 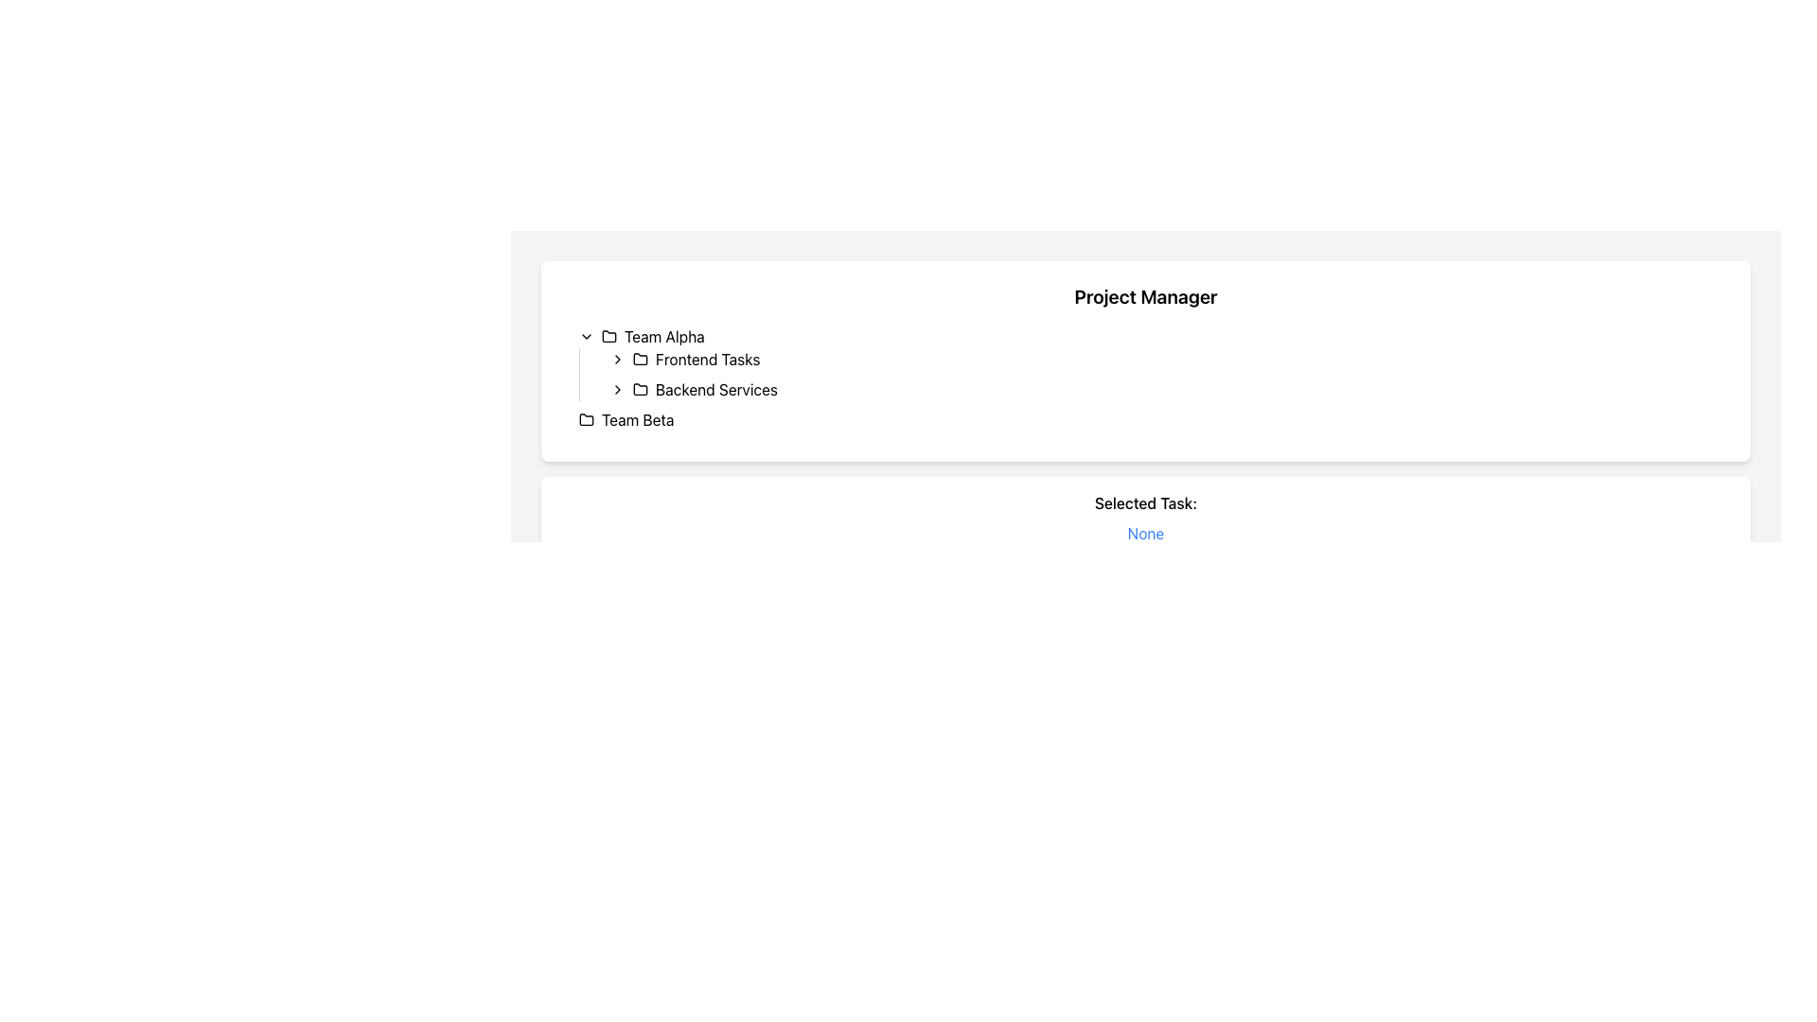 I want to click on the Dropdown Trigger Icon, so click(x=585, y=335).